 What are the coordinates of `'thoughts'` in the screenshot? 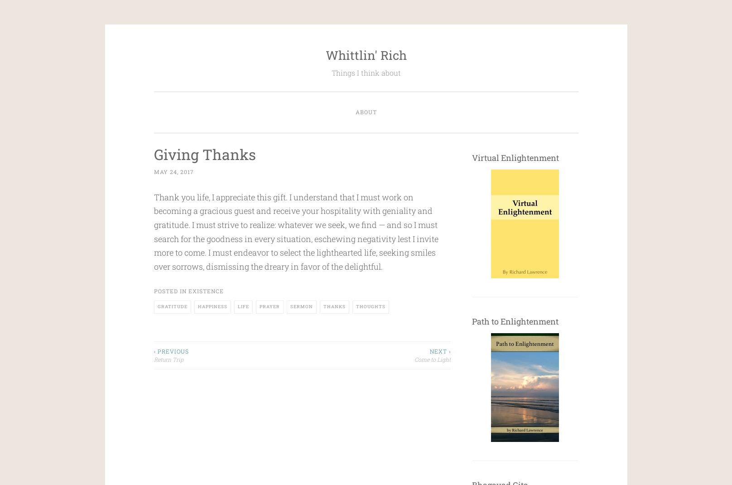 It's located at (370, 306).